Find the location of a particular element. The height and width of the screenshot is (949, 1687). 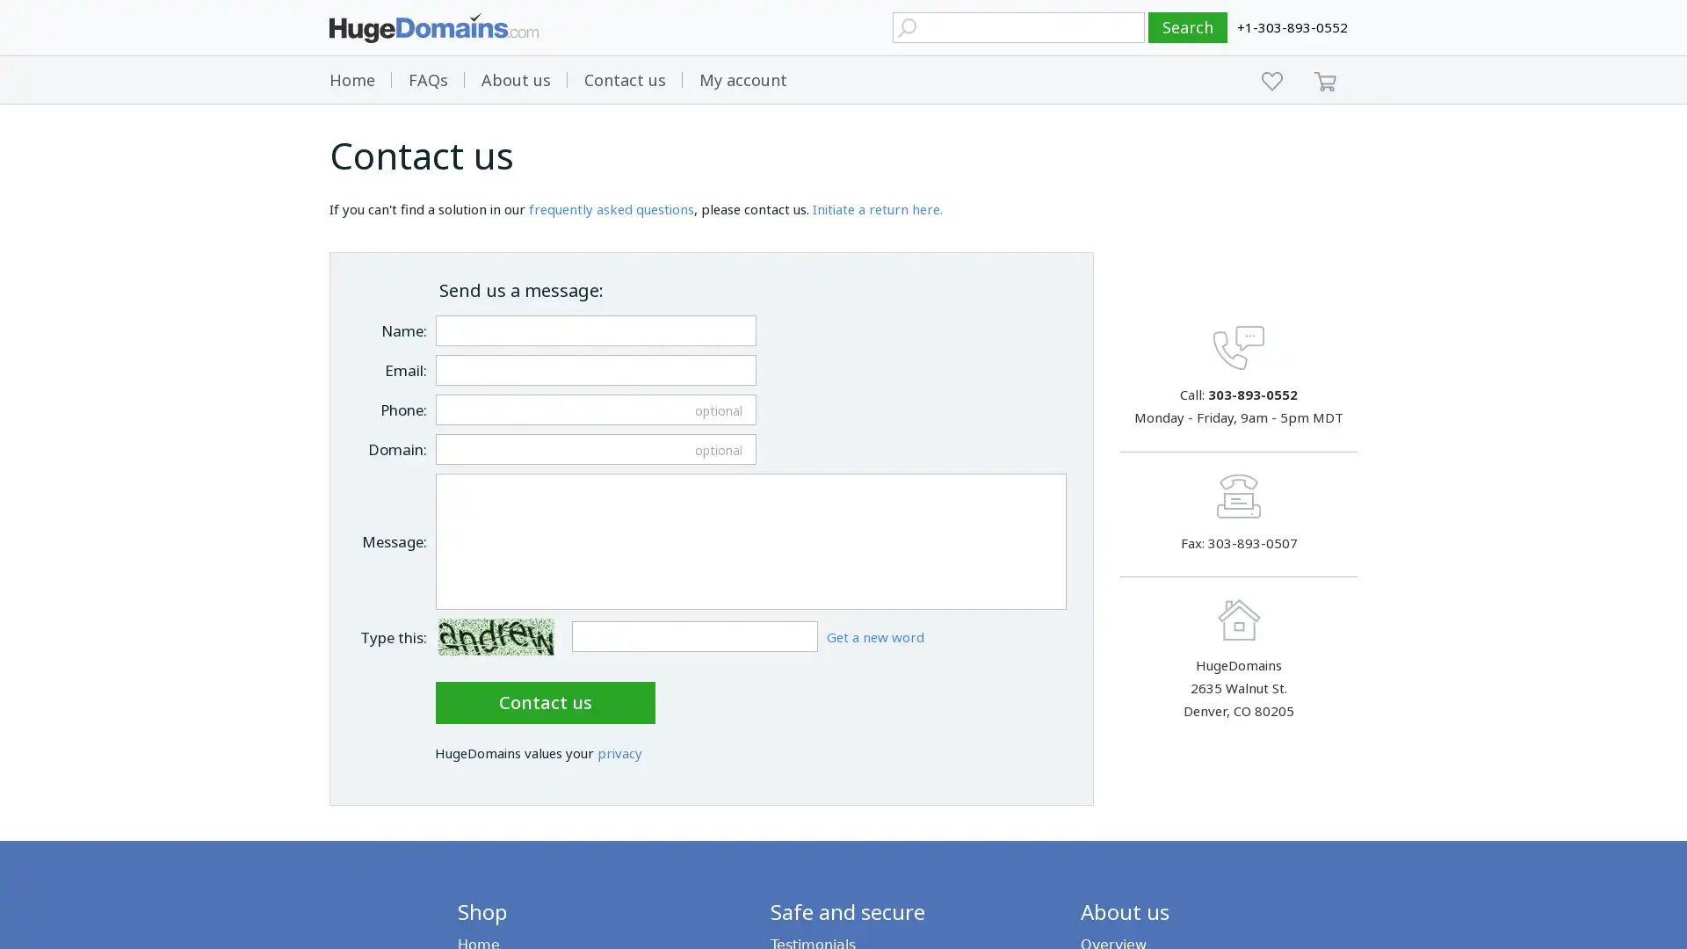

Search is located at coordinates (1188, 27).